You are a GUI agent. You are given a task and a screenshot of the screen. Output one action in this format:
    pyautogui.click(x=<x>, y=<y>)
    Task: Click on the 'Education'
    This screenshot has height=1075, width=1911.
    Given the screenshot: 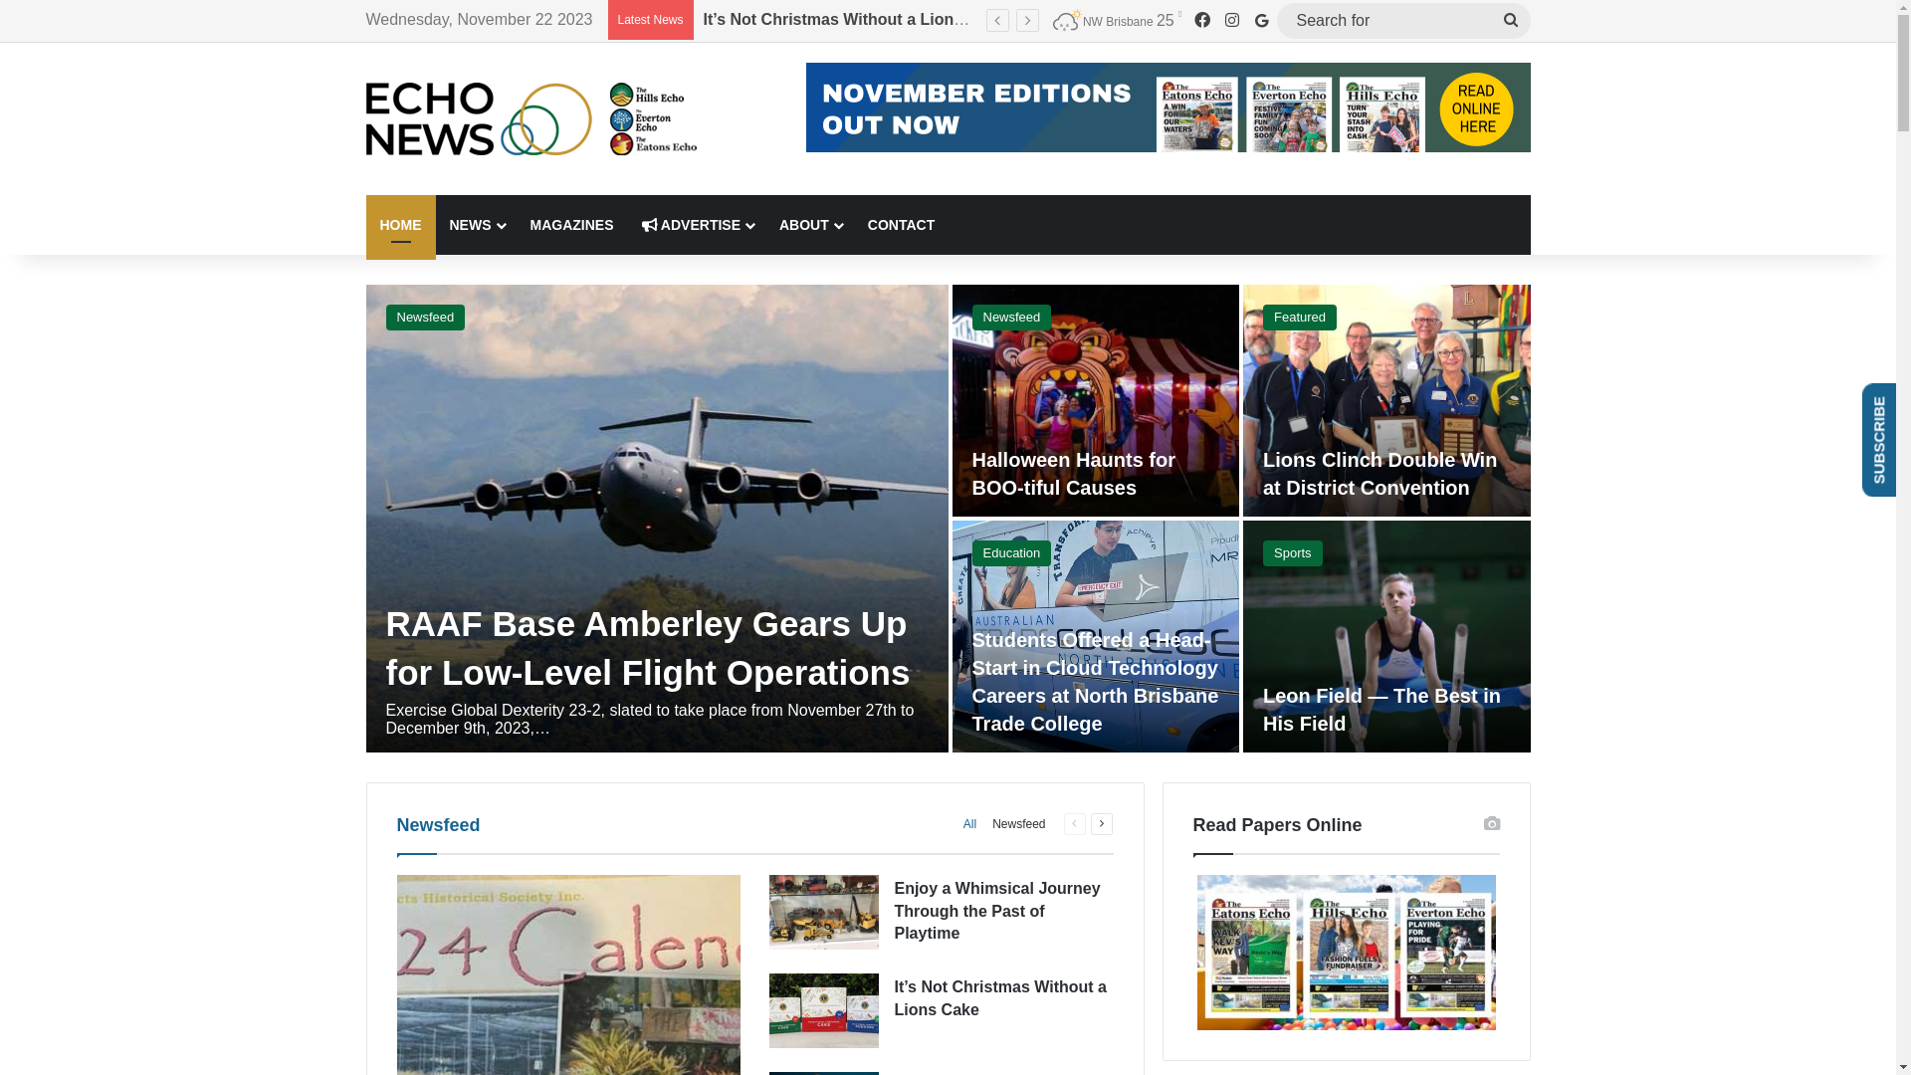 What is the action you would take?
    pyautogui.click(x=970, y=552)
    